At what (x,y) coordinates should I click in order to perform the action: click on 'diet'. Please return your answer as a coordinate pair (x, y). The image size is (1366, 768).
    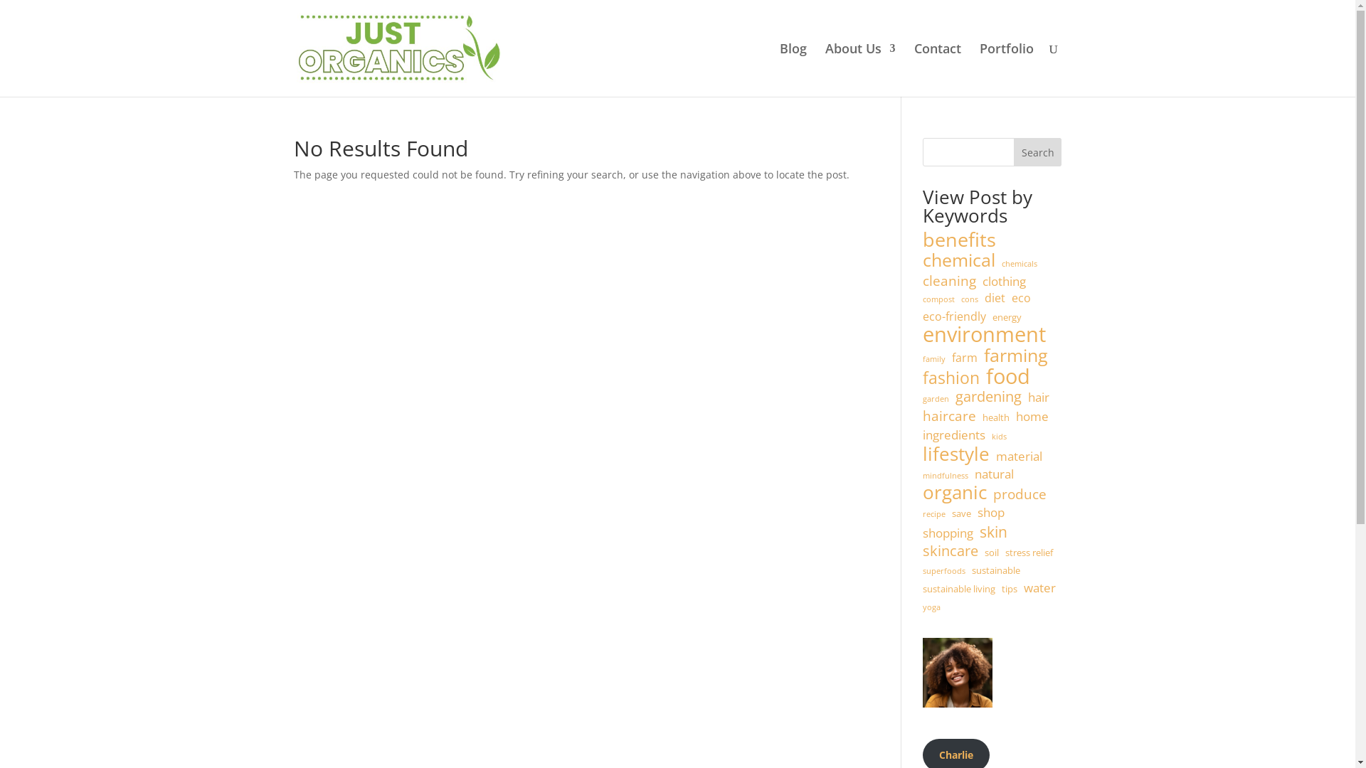
    Looking at the image, I should click on (994, 298).